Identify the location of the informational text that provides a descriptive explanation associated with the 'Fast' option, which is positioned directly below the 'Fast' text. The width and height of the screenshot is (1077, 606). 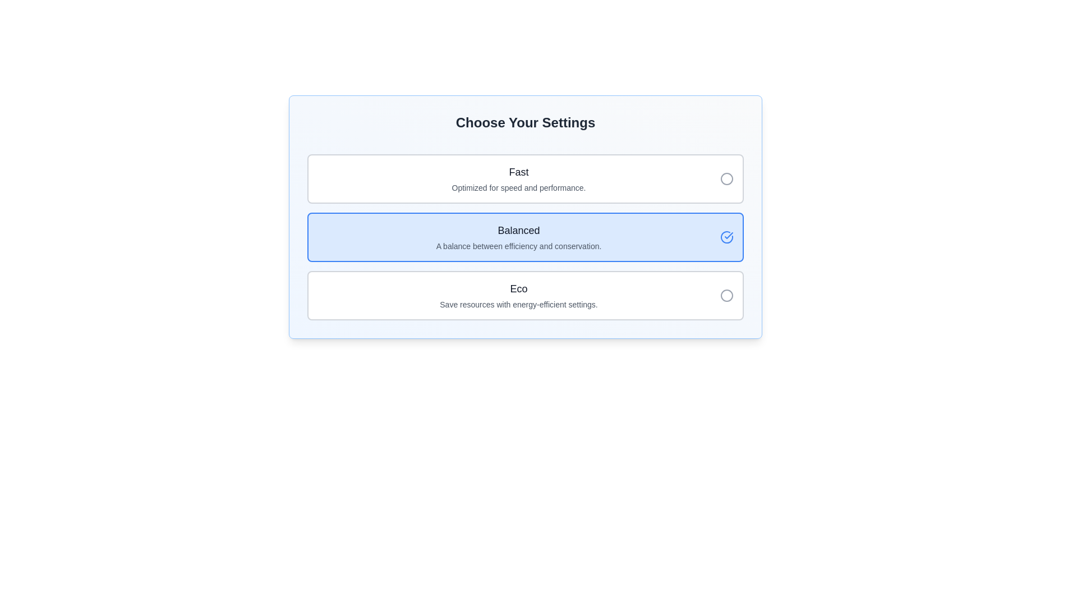
(518, 187).